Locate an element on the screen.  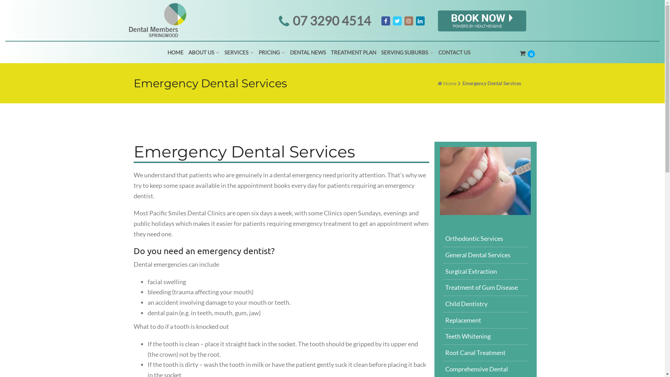
'General Dental Services' is located at coordinates (485, 255).